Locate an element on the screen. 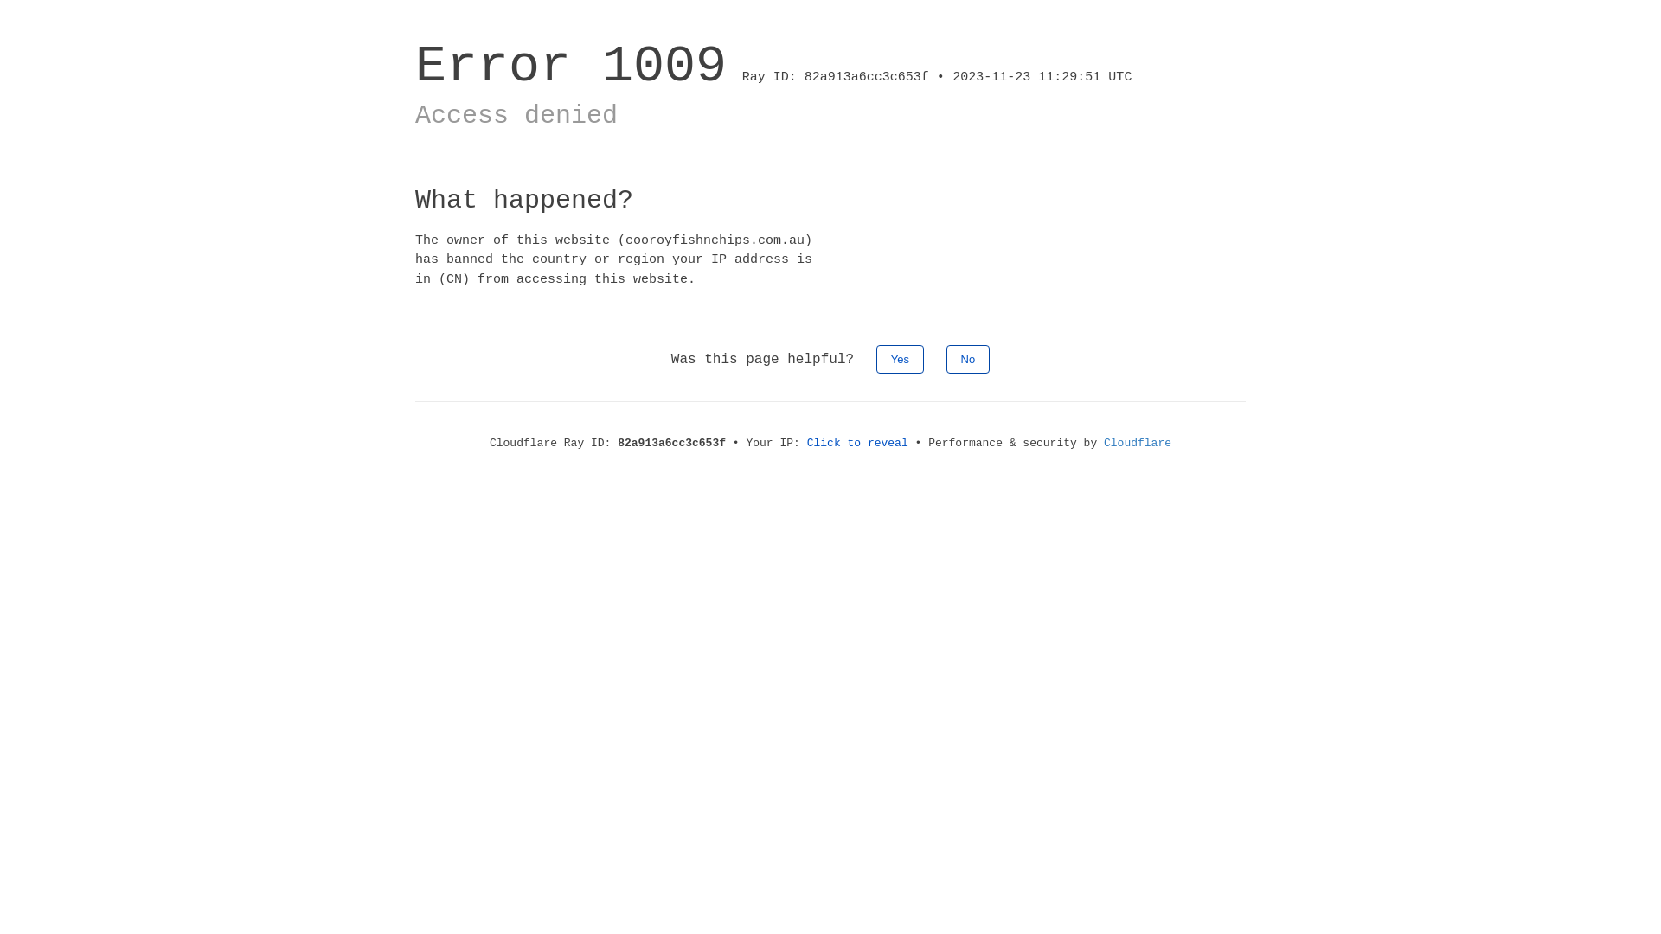 This screenshot has width=1661, height=934. 'Cloudflare' is located at coordinates (1138, 442).